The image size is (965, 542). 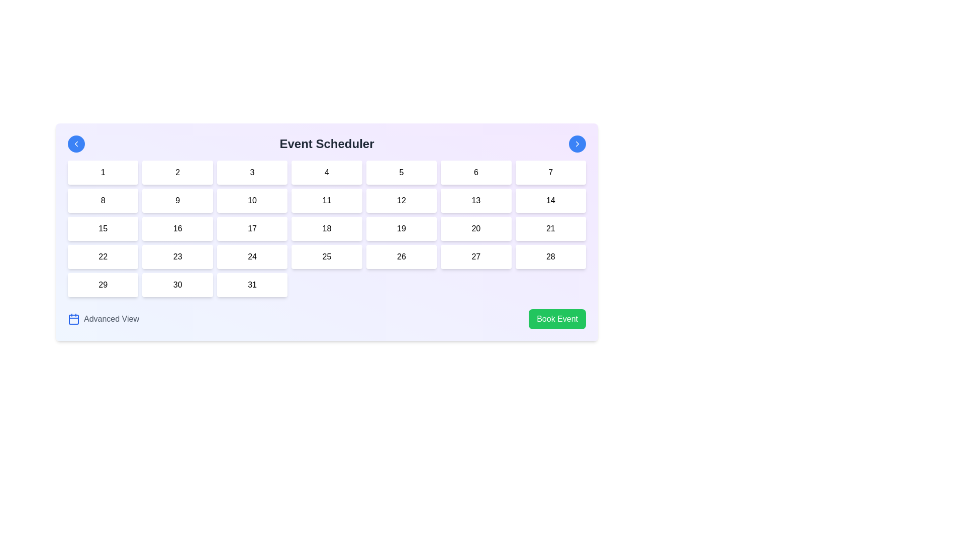 I want to click on the Text label located at the bottom-left corner of the interface, which is positioned directly to the right of a blue calendar icon, so click(x=111, y=319).